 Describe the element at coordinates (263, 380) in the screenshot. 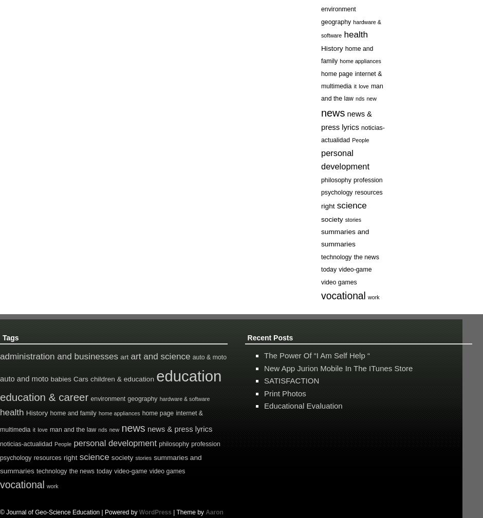

I see `'SATISFACTION'` at that location.